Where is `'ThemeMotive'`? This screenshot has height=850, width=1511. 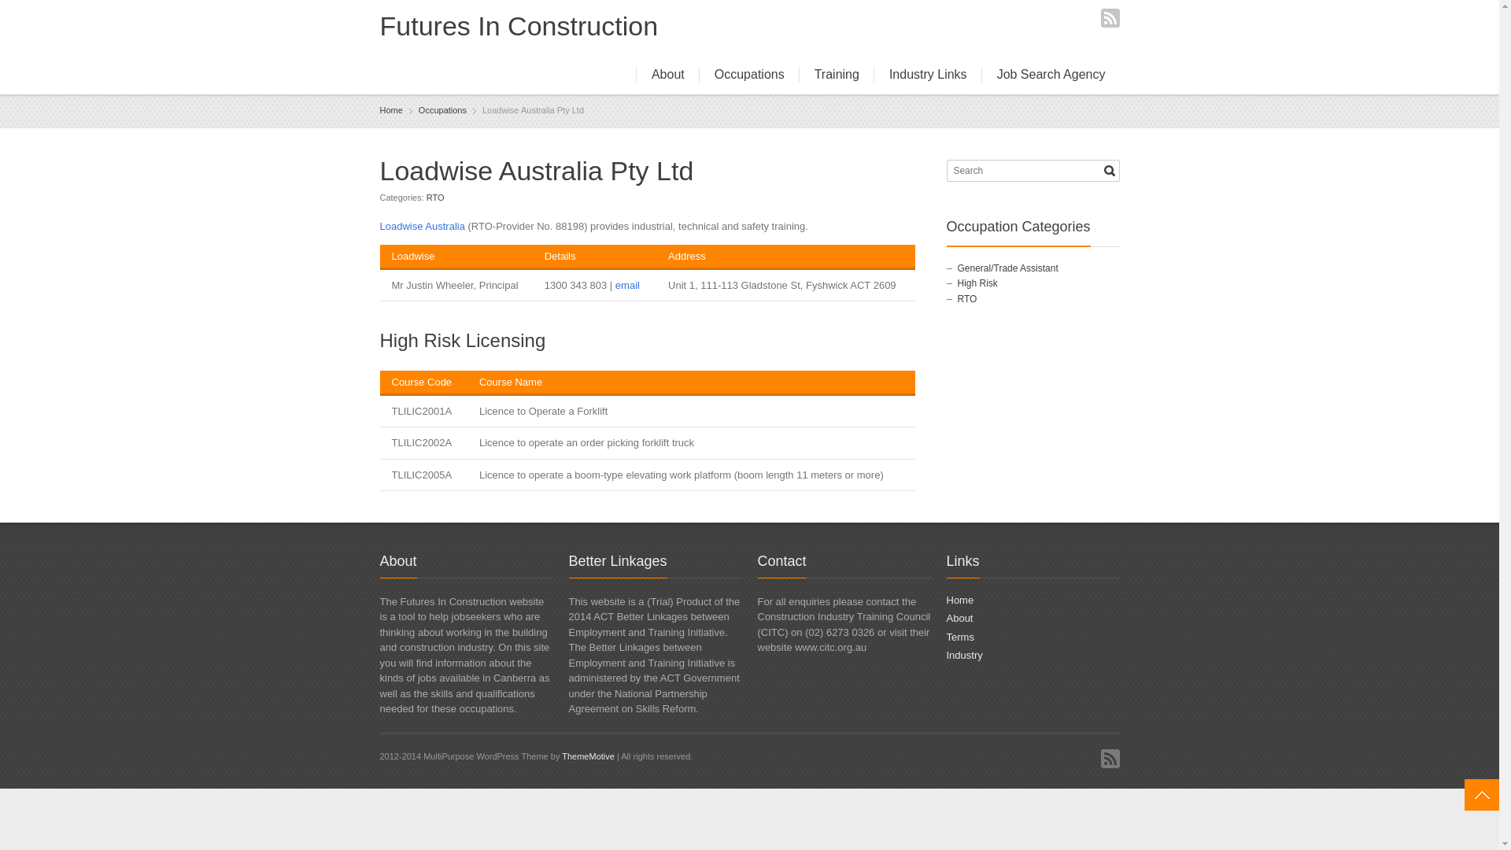
'ThemeMotive' is located at coordinates (587, 755).